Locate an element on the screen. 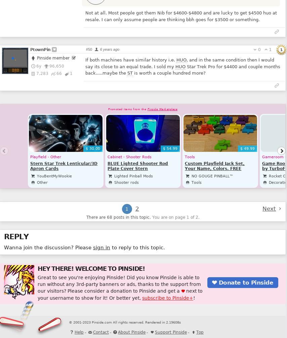 The image size is (287, 338). 'If both machines have similar history i.e.' is located at coordinates (130, 60).